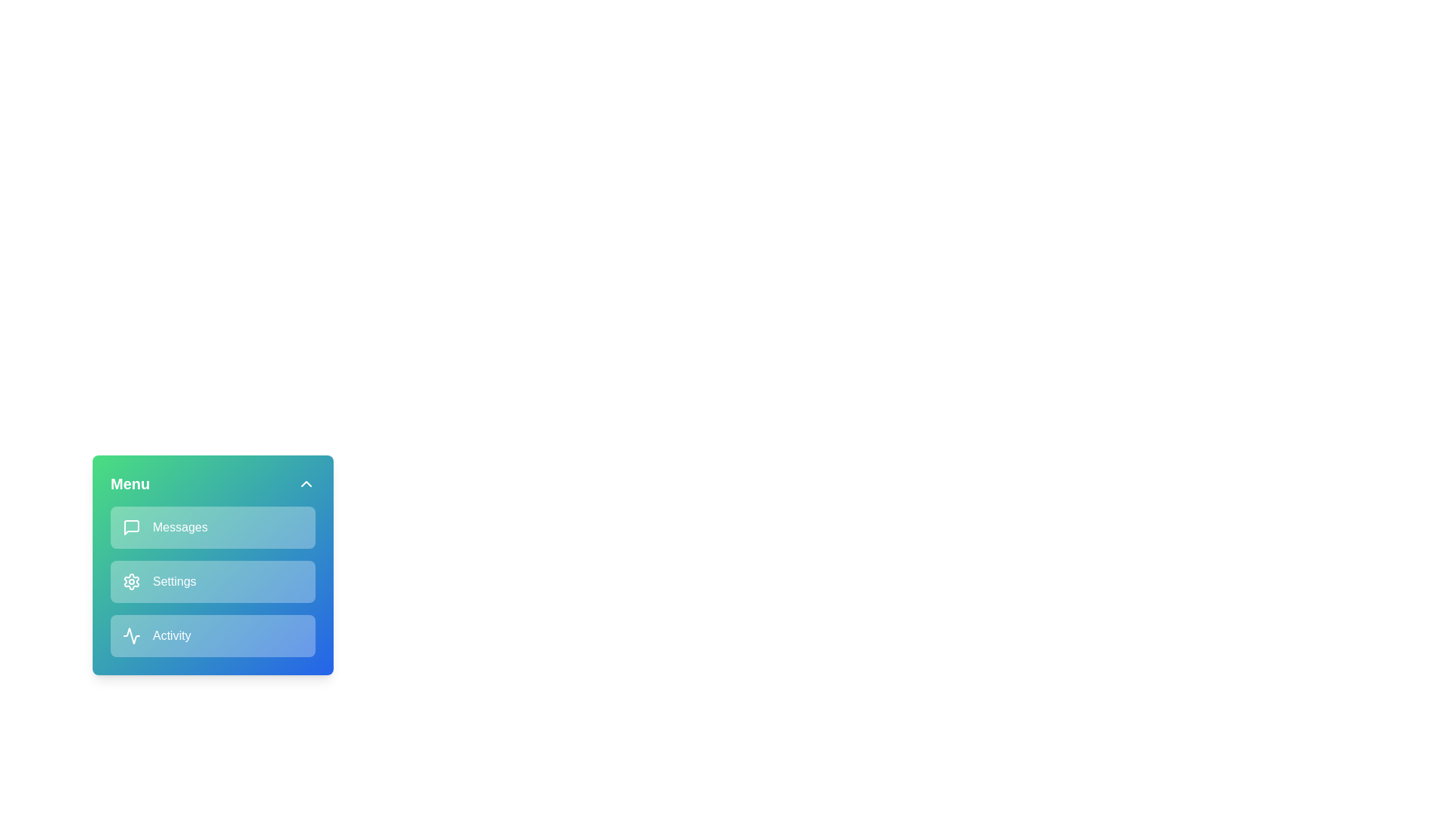  Describe the element at coordinates (212, 635) in the screenshot. I see `the menu item Activity from the menu` at that location.